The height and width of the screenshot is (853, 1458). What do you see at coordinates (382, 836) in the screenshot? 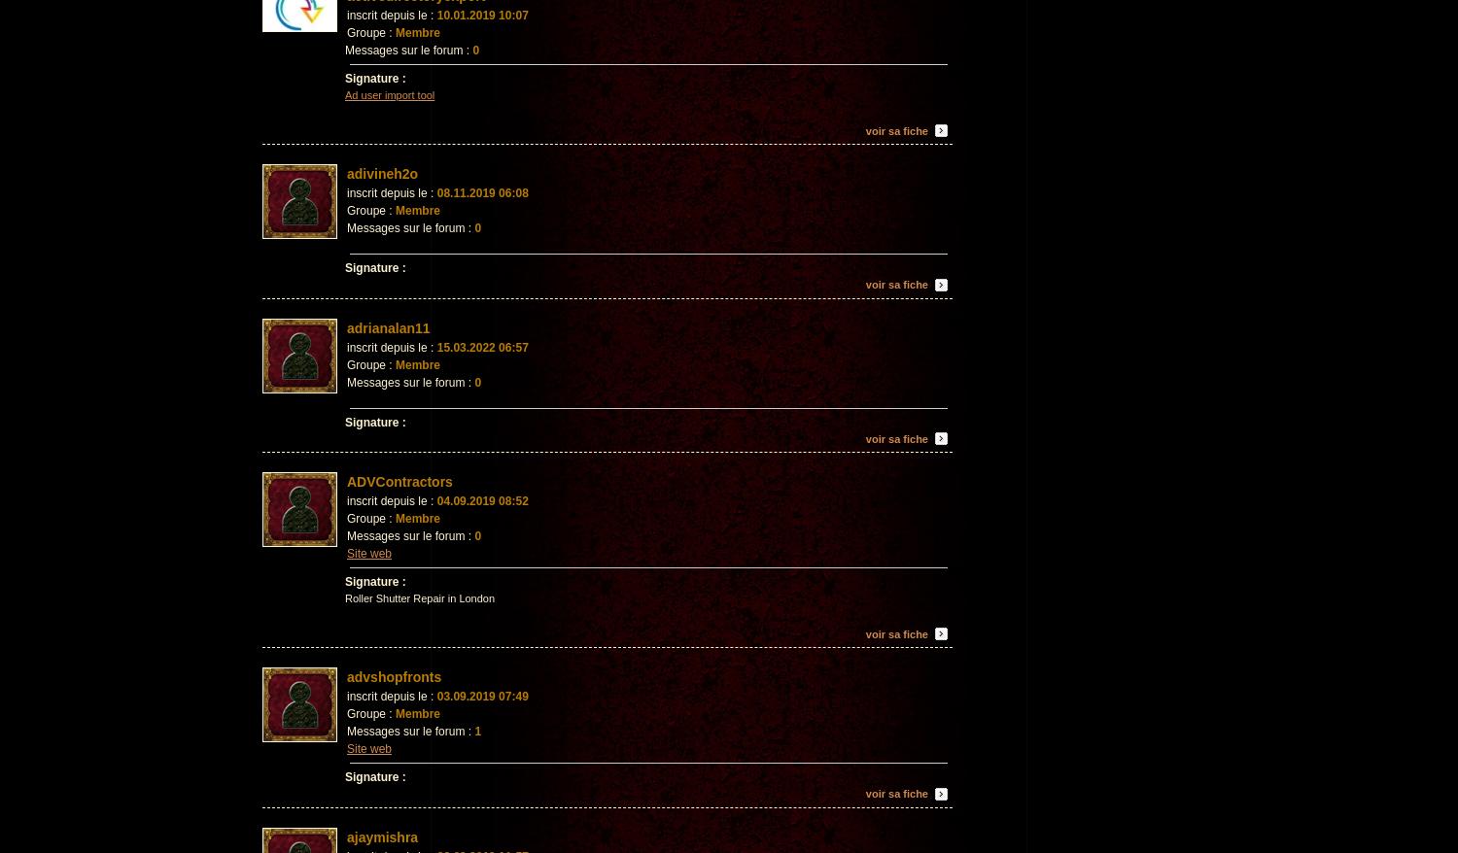
I see `'ajaymishra'` at bounding box center [382, 836].